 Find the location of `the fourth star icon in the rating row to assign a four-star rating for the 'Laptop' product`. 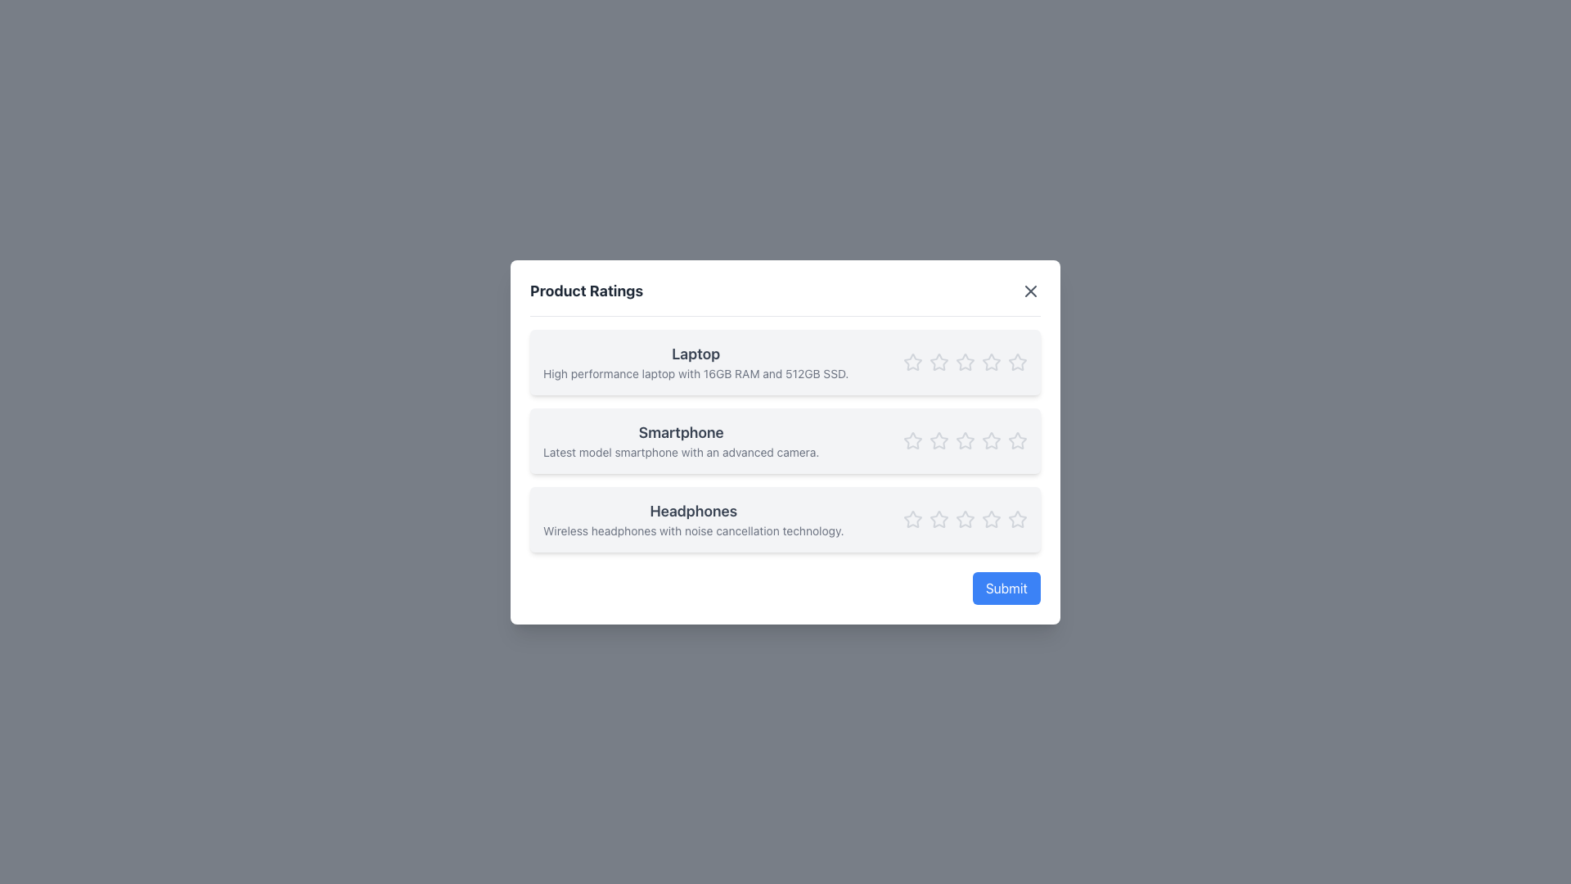

the fourth star icon in the rating row to assign a four-star rating for the 'Laptop' product is located at coordinates (966, 361).